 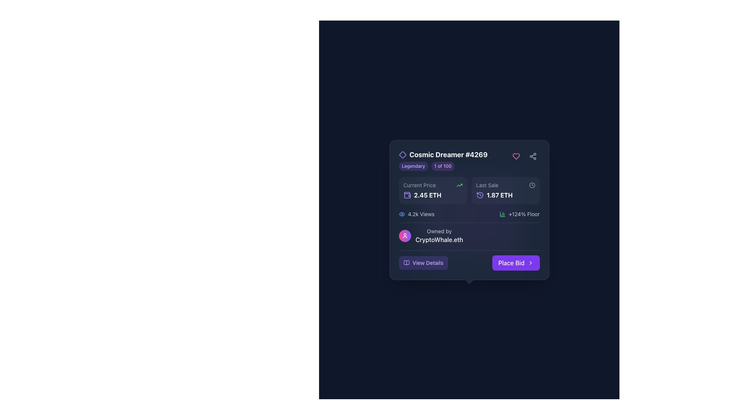 I want to click on the clock icon in the 'Last Sale' section, which is styled with a slate-gray tone and features clock hands in a minimalist design, so click(x=531, y=185).